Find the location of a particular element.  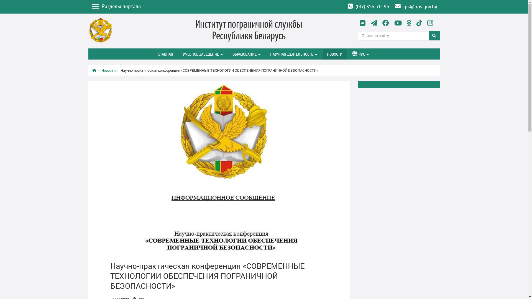

'ips@ops.gov.by' is located at coordinates (416, 7).